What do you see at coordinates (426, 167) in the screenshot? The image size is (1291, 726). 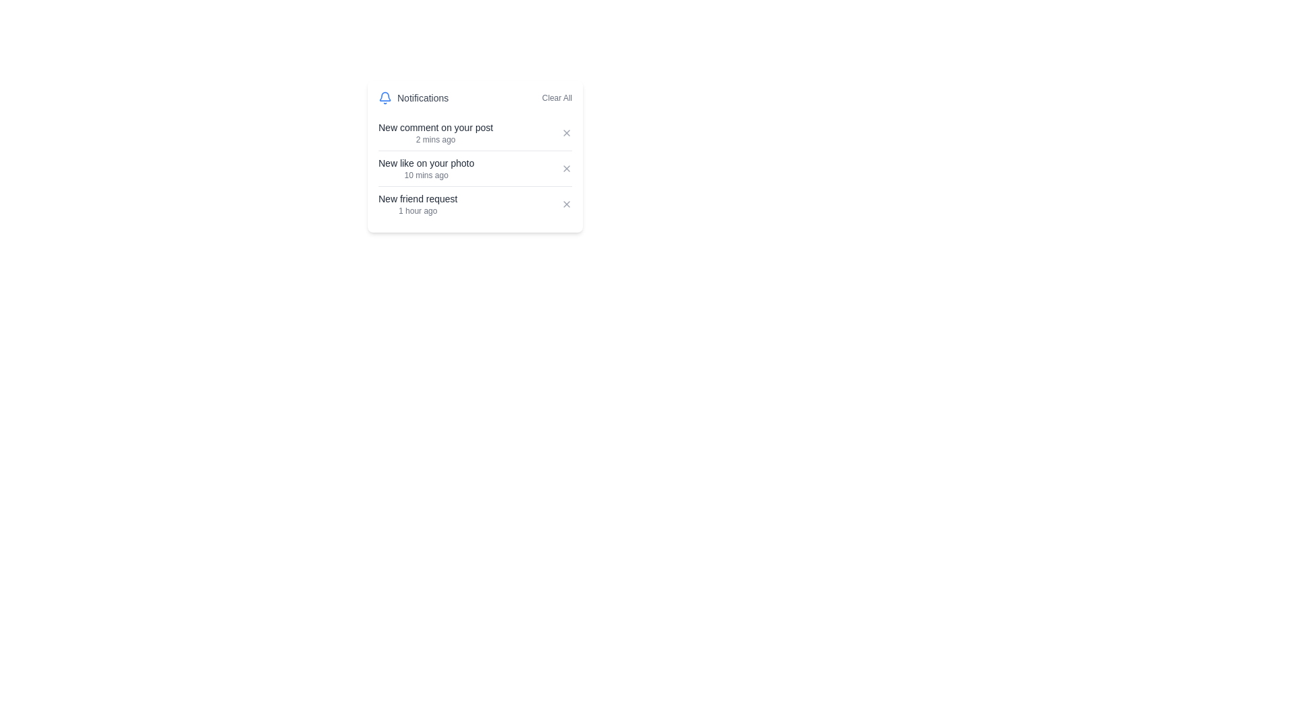 I see `notification text display element indicating that someone has liked the user's photo, which is the second notification in a vertically stacked list of notifications` at bounding box center [426, 167].